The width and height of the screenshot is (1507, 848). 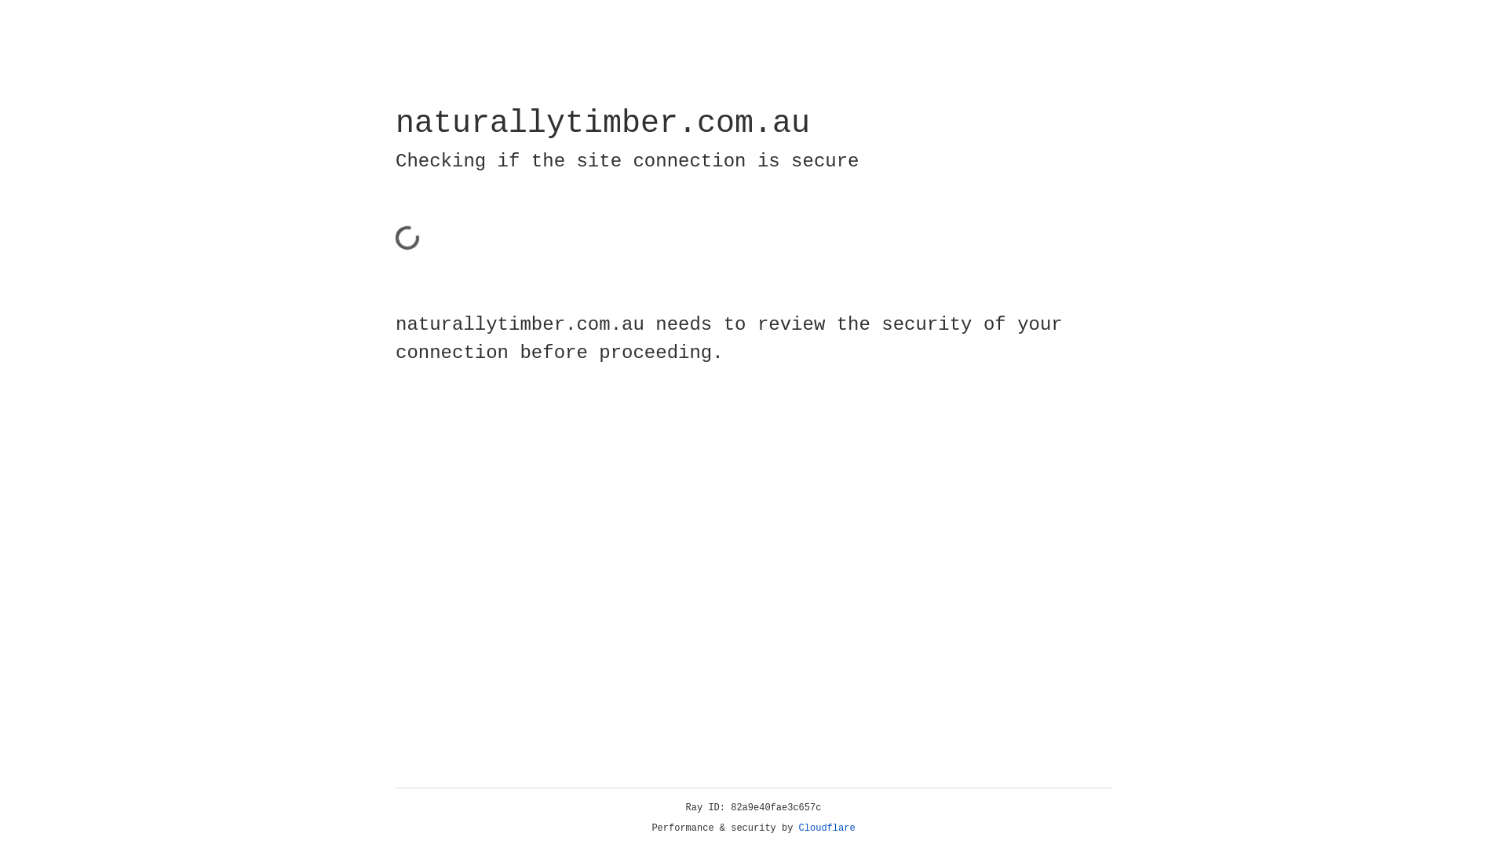 I want to click on 'Cloudflare', so click(x=826, y=828).